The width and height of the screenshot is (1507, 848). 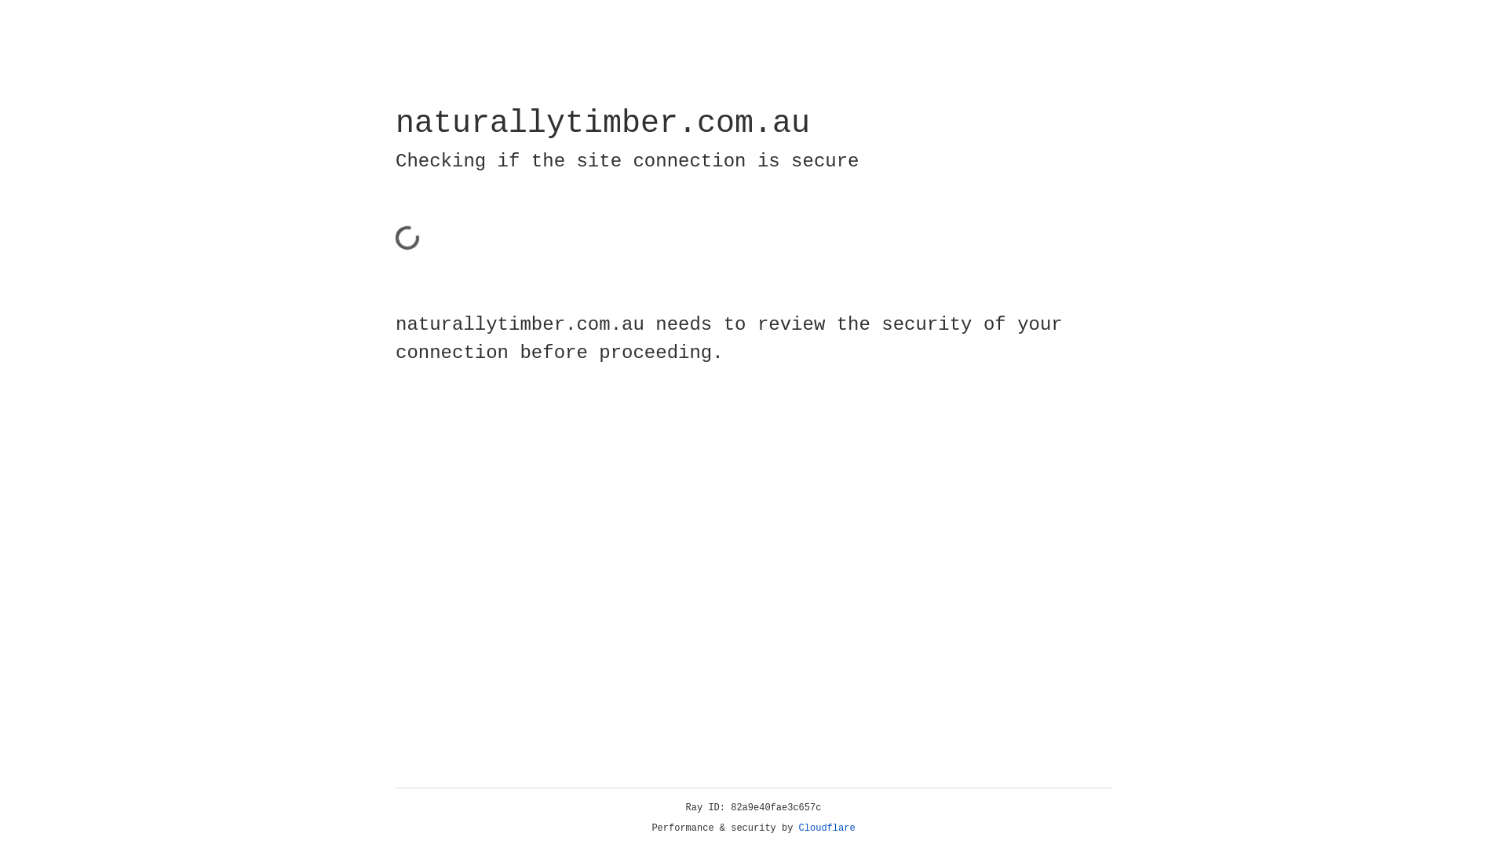 I want to click on 'Cloudflare', so click(x=826, y=828).